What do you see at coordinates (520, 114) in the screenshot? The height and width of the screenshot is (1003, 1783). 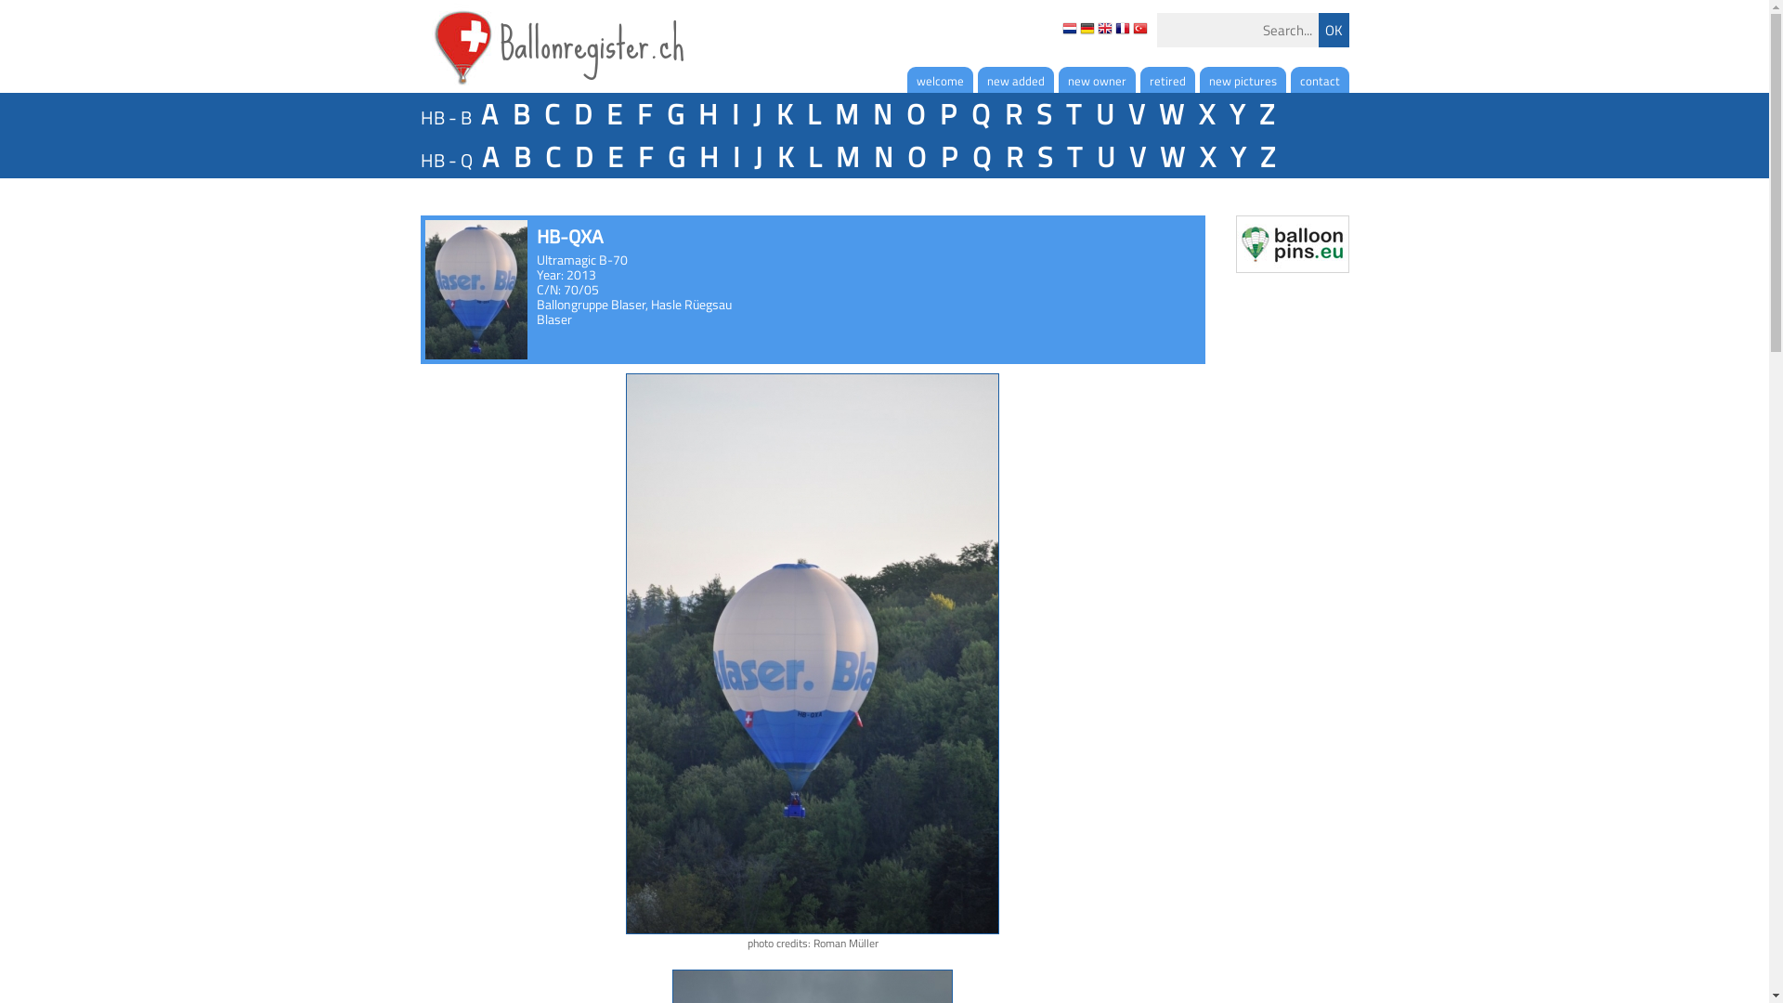 I see `'B'` at bounding box center [520, 114].